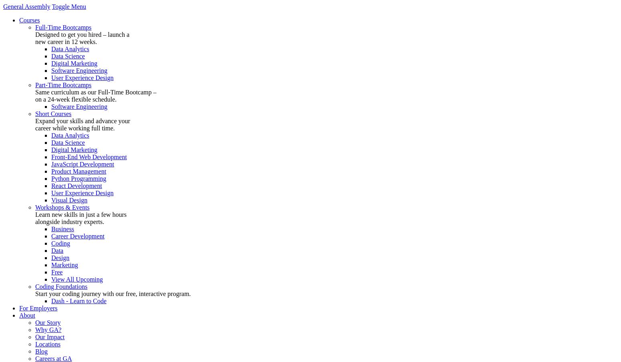 Image resolution: width=621 pixels, height=362 pixels. I want to click on 'Short Courses', so click(35, 114).